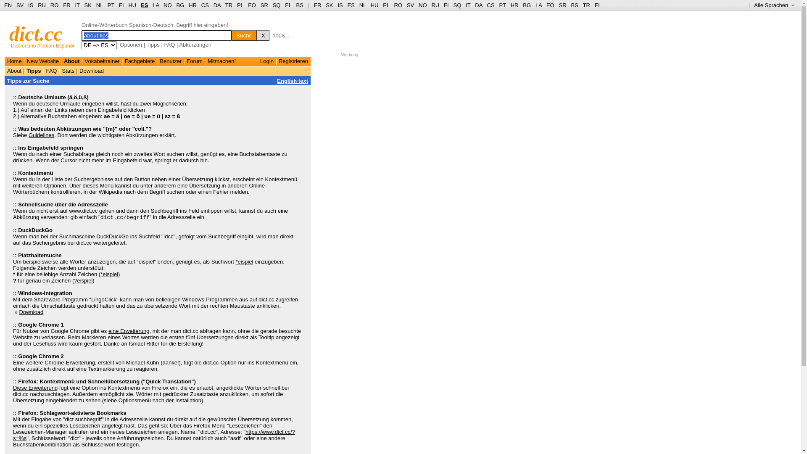  Describe the element at coordinates (329, 5) in the screenshot. I see `'SK'` at that location.